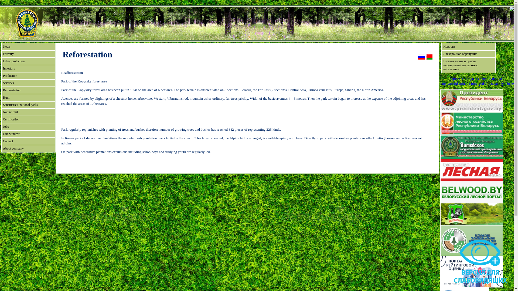  I want to click on 'Jobs', so click(28, 127).